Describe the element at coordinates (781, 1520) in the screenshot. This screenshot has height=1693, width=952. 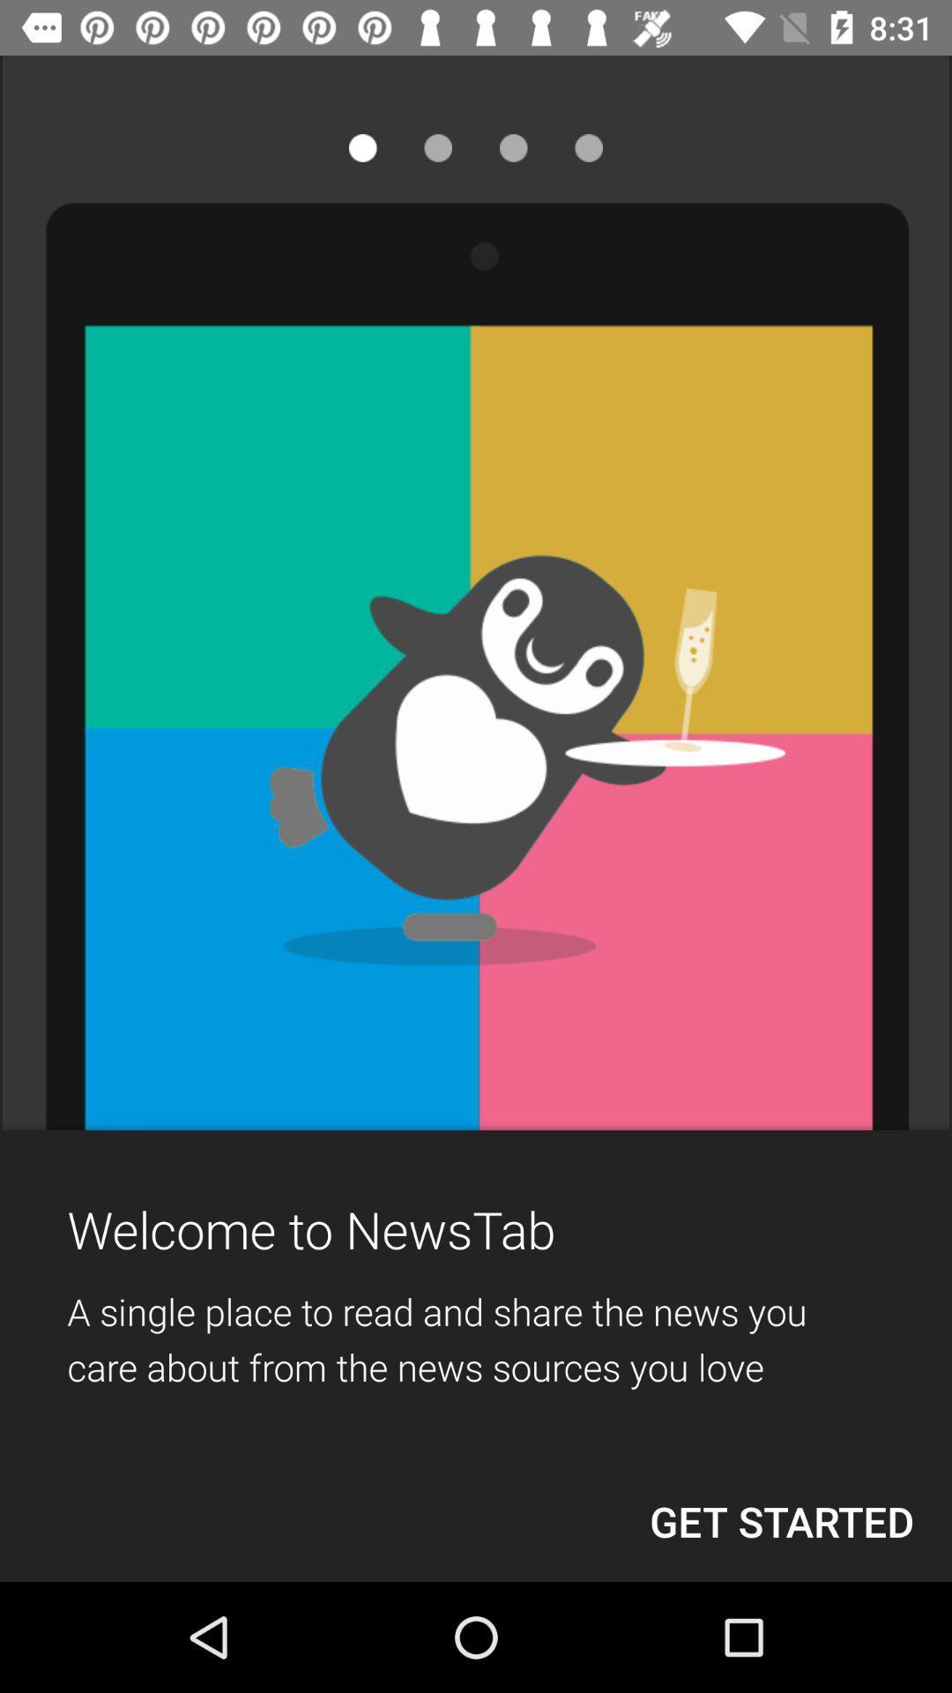
I see `icon at the bottom right corner` at that location.